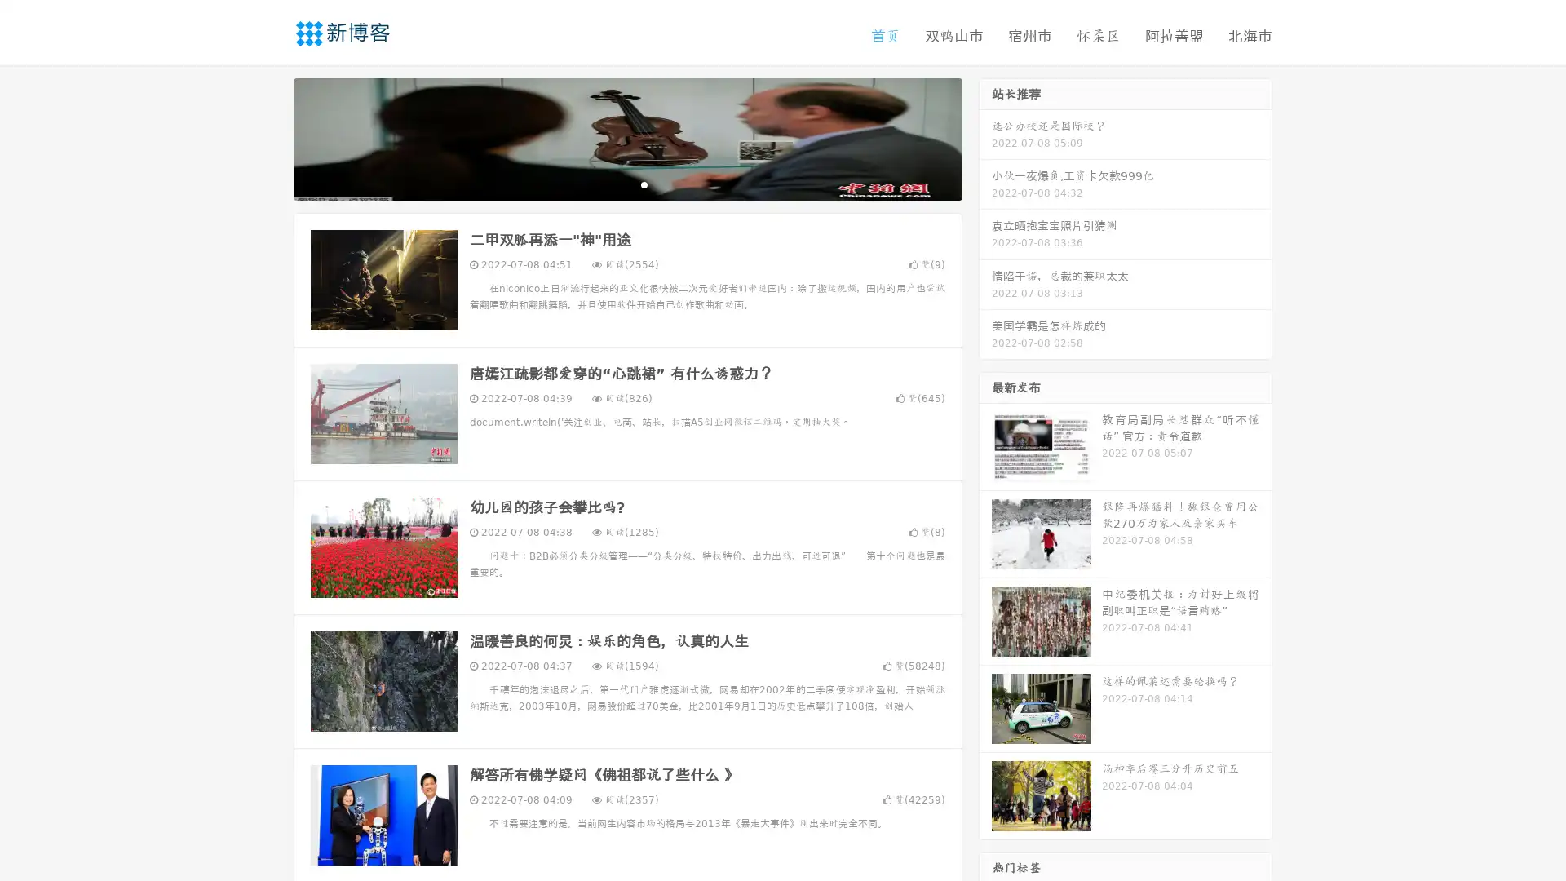 This screenshot has width=1566, height=881. I want to click on Next slide, so click(985, 137).